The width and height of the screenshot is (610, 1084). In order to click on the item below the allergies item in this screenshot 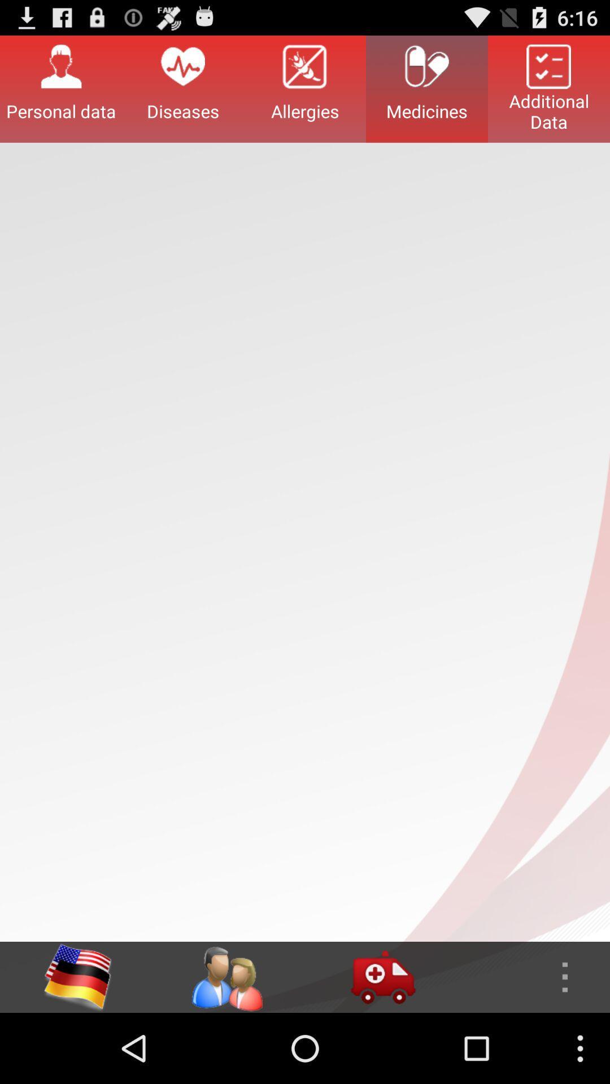, I will do `click(382, 977)`.